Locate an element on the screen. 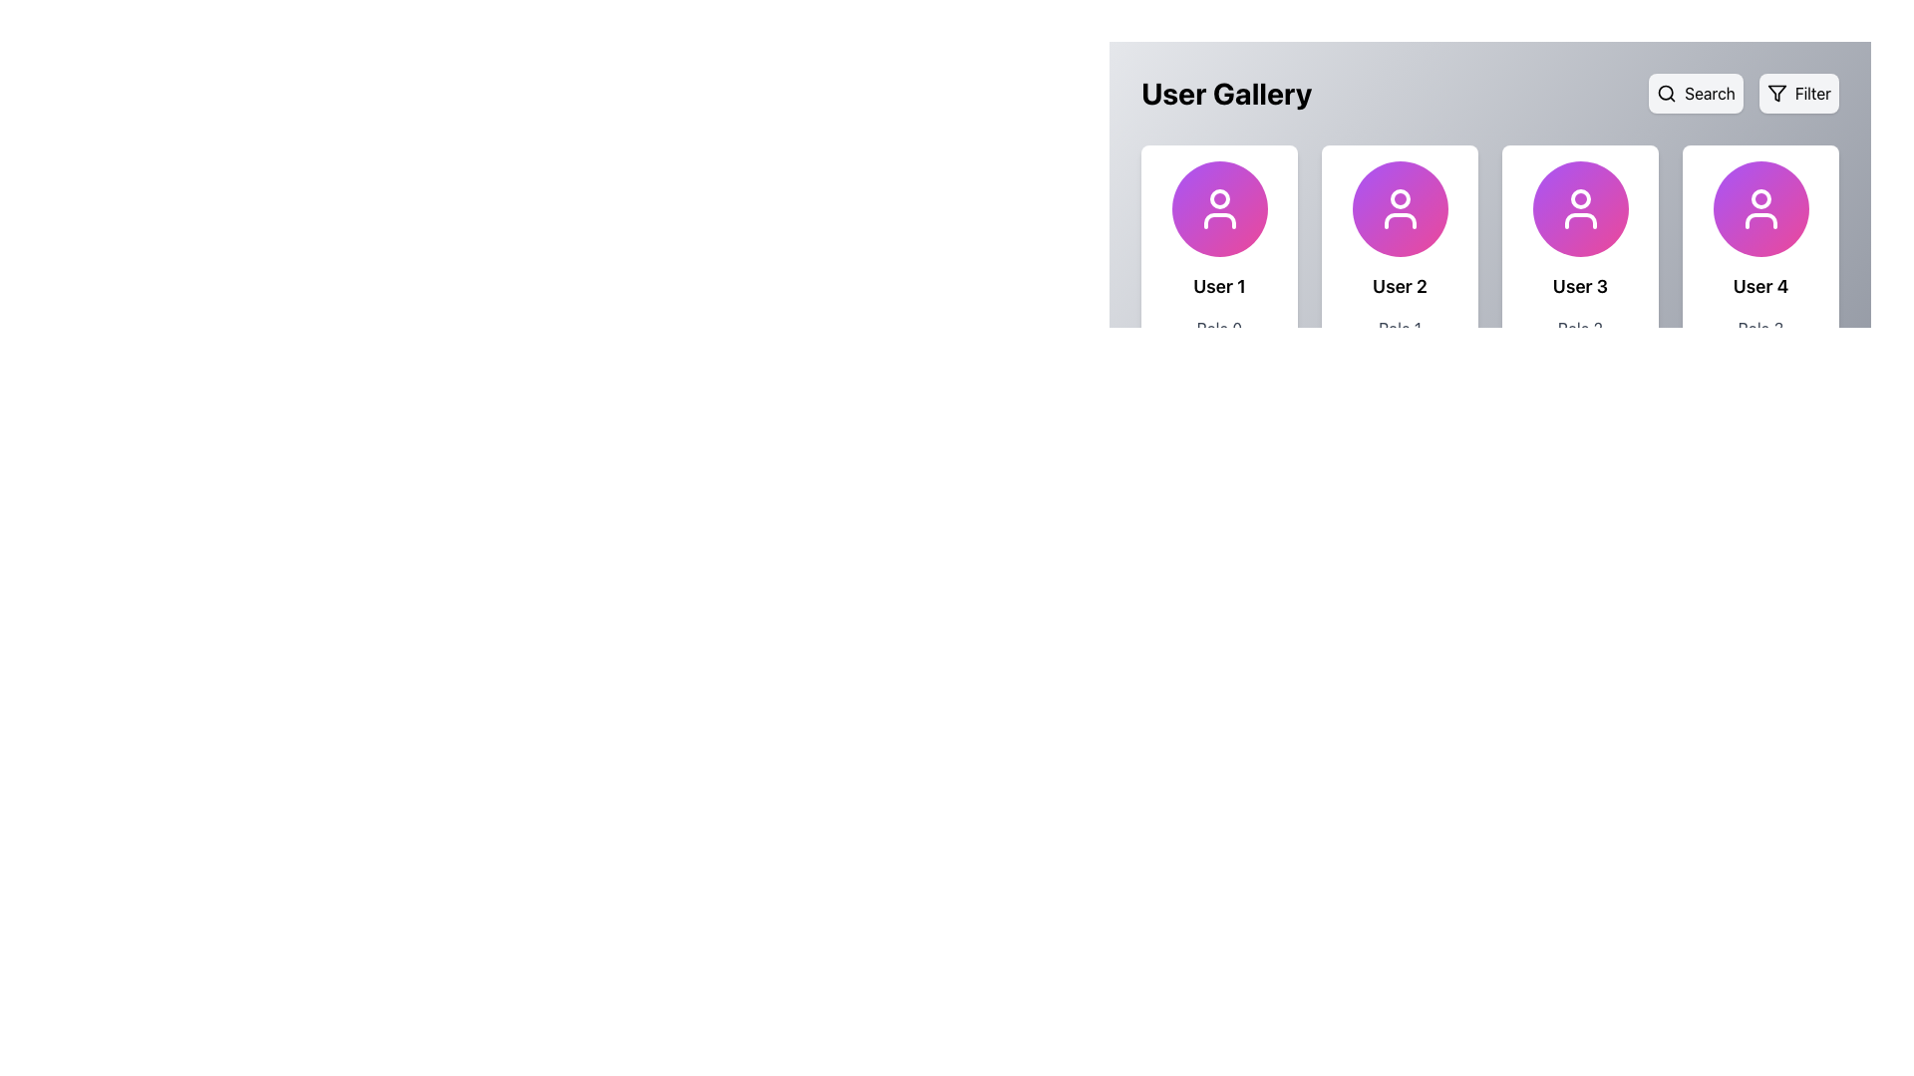 This screenshot has height=1076, width=1914. the graphical circle component of the magnifying glass icon located in the top-right corner of the interface is located at coordinates (1666, 93).